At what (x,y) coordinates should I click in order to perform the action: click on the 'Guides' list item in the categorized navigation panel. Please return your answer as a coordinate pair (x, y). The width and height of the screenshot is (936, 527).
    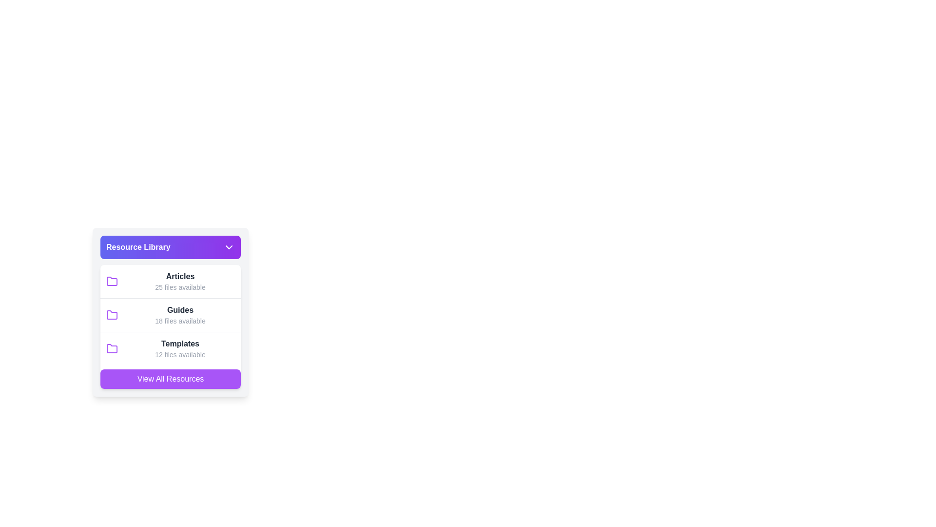
    Looking at the image, I should click on (171, 314).